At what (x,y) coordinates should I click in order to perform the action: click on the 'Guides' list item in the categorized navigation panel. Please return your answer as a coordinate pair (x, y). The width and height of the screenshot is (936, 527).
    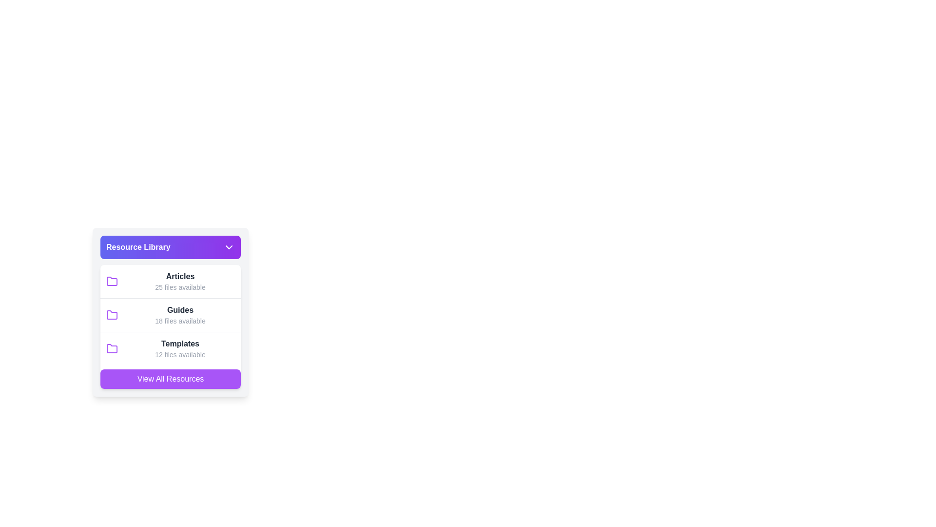
    Looking at the image, I should click on (171, 314).